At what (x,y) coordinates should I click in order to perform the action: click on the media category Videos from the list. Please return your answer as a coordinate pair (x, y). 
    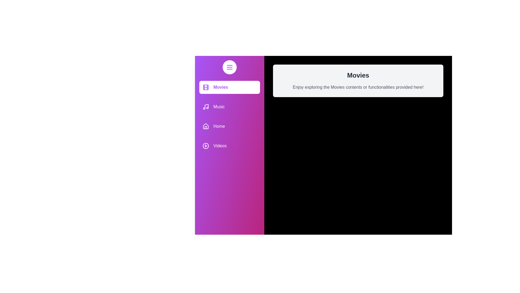
    Looking at the image, I should click on (230, 145).